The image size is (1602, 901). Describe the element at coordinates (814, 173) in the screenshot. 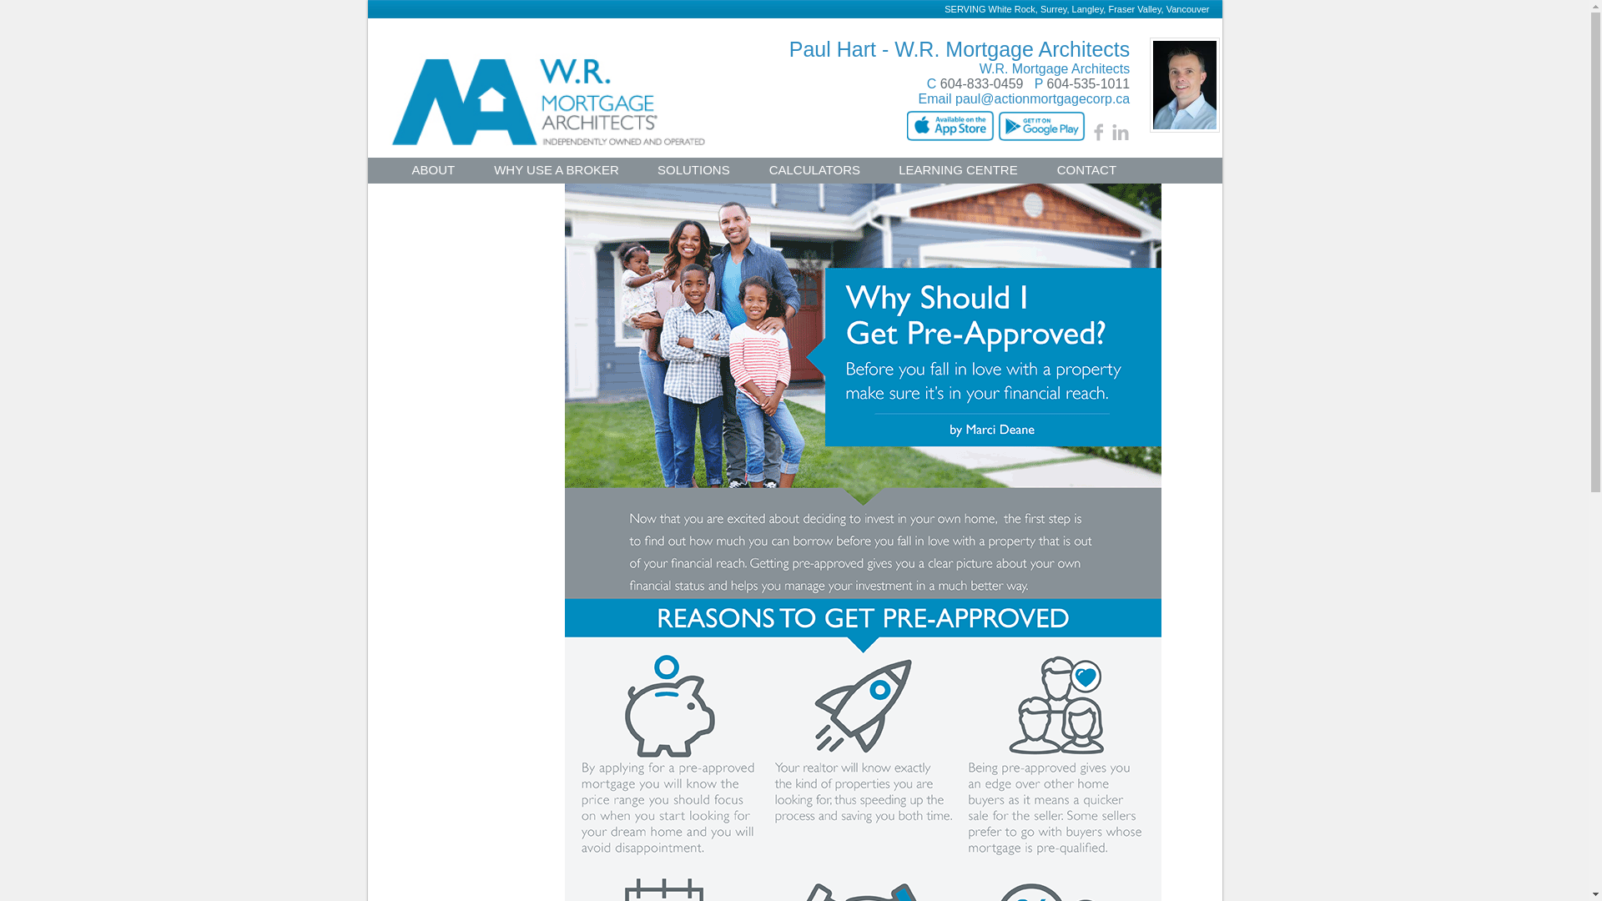

I see `'CALCULATORS'` at that location.